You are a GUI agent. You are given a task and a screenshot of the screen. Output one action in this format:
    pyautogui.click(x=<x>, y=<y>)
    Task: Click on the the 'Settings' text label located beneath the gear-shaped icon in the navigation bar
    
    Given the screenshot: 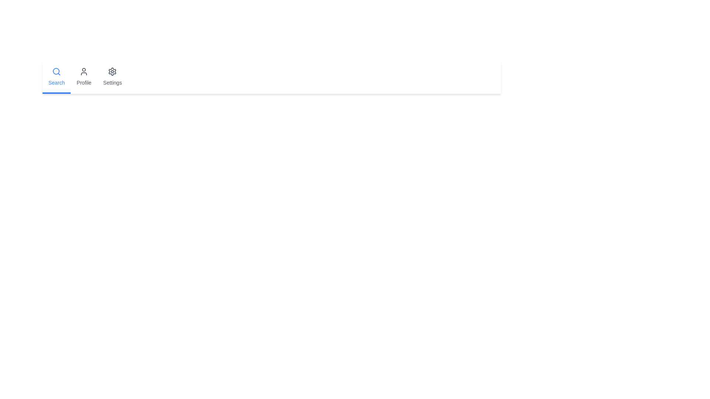 What is the action you would take?
    pyautogui.click(x=112, y=82)
    